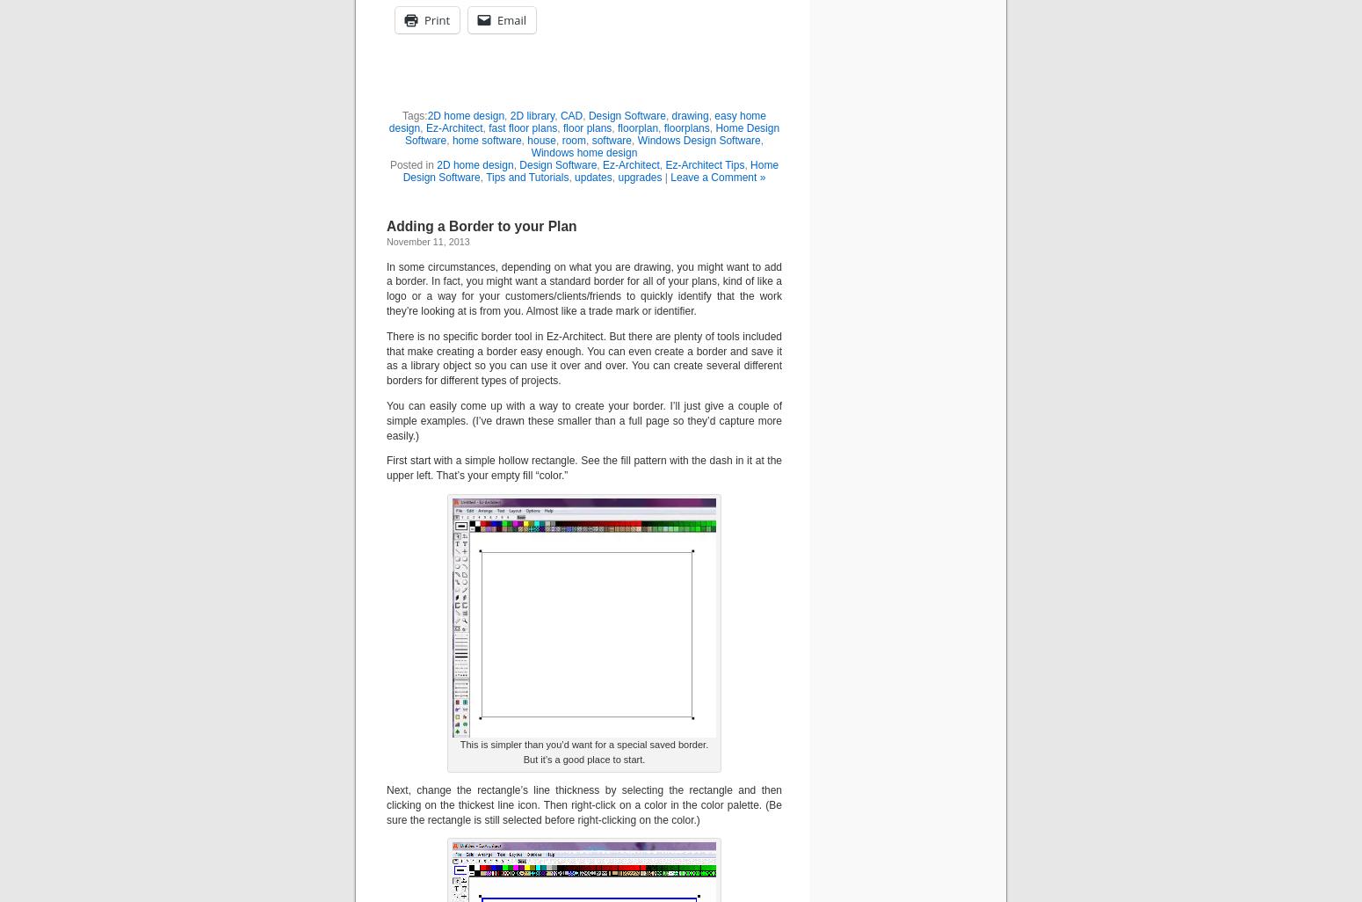 The height and width of the screenshot is (902, 1362). I want to click on 'Adding a Border to your Plan', so click(481, 225).